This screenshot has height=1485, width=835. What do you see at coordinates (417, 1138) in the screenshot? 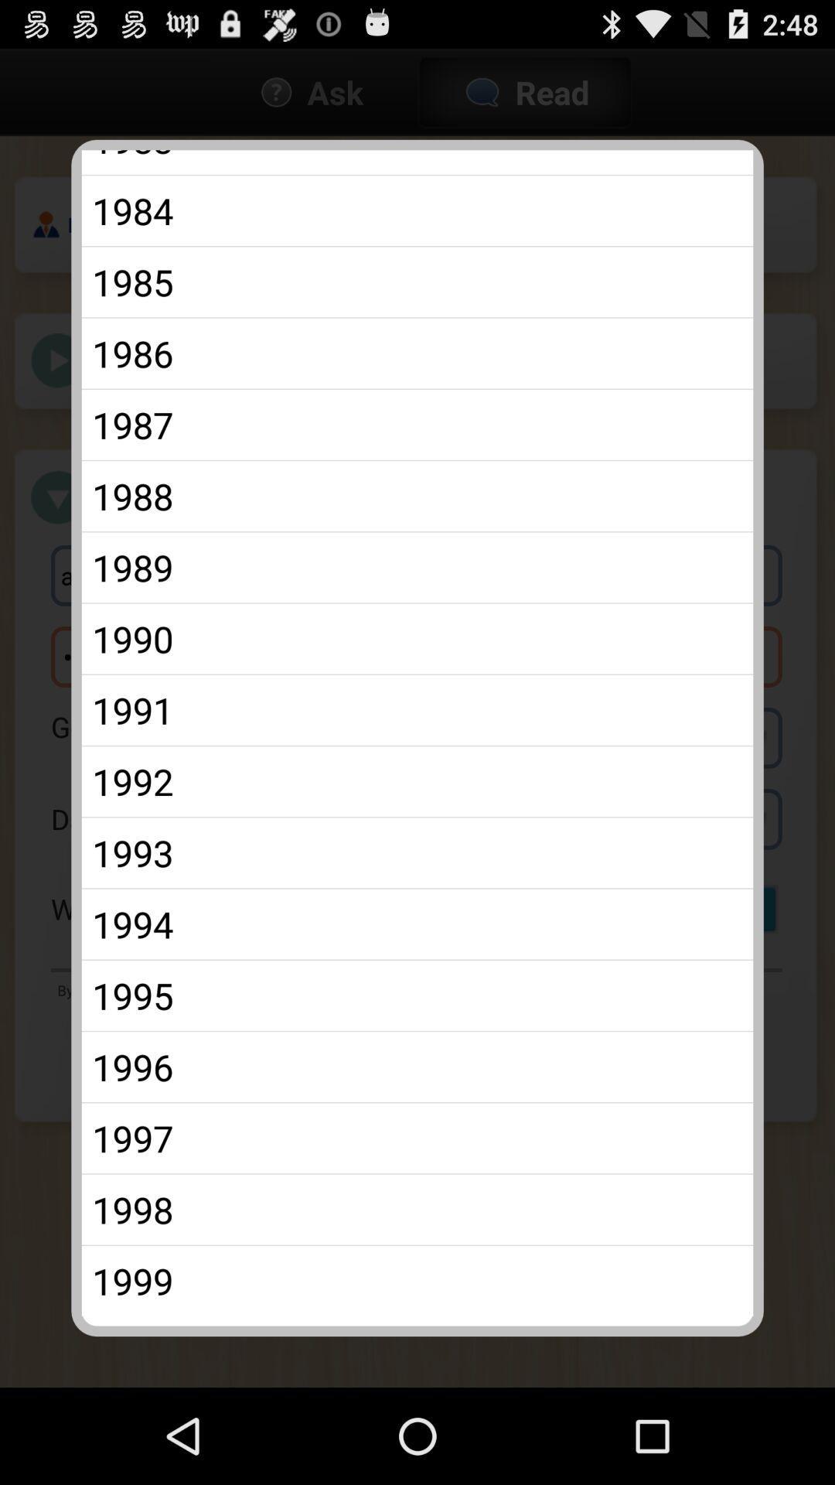
I see `the icon above 1998 app` at bounding box center [417, 1138].